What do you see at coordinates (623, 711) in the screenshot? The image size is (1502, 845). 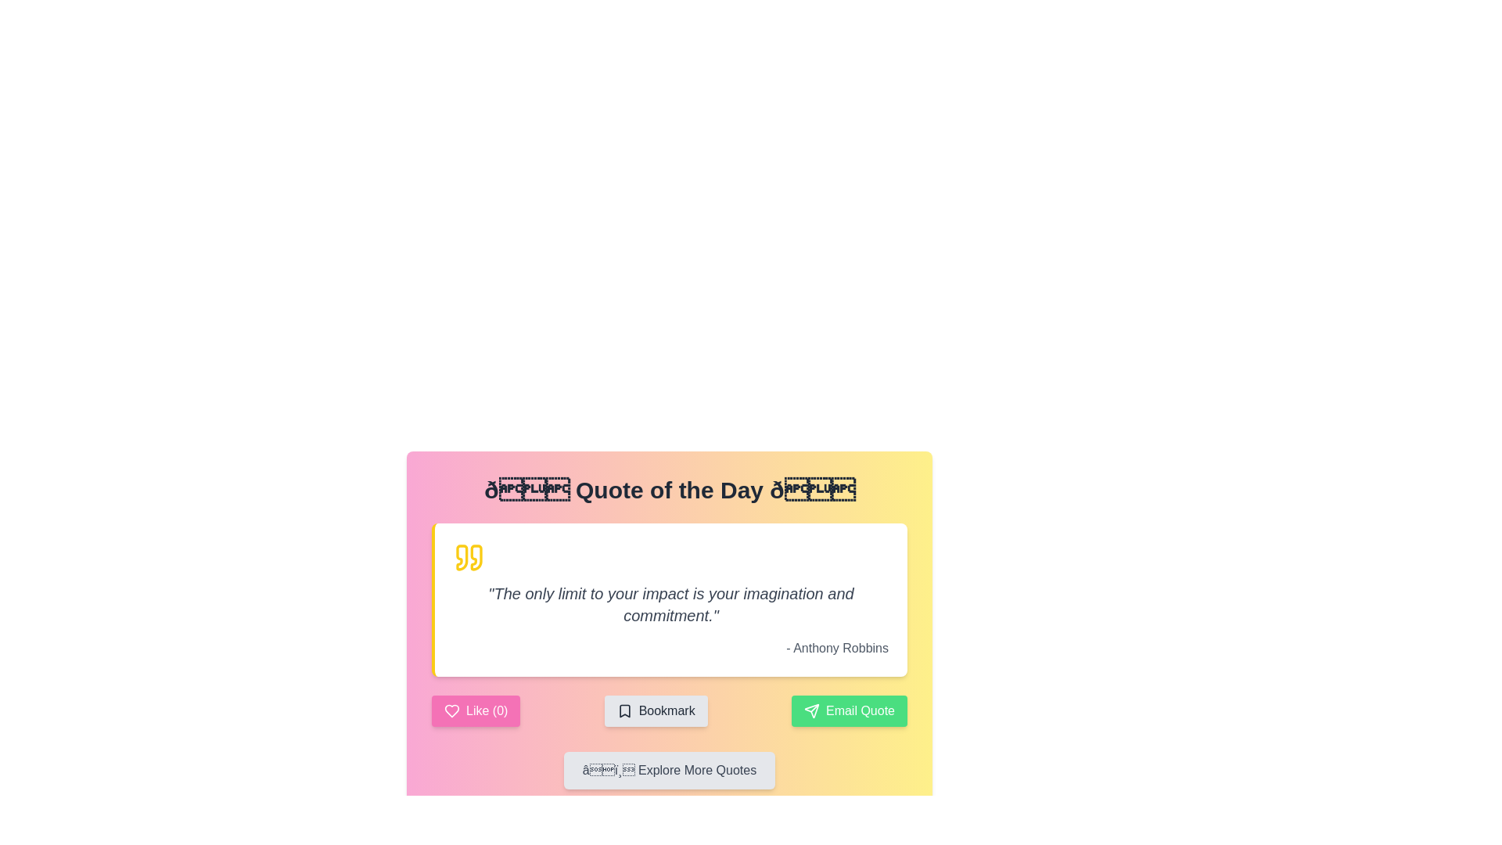 I see `the bookmark icon located to the left of the 'Bookmark' text, which is part of the 'Bookmark' button group, positioned slightly above and horizontally aligned in the middle` at bounding box center [623, 711].